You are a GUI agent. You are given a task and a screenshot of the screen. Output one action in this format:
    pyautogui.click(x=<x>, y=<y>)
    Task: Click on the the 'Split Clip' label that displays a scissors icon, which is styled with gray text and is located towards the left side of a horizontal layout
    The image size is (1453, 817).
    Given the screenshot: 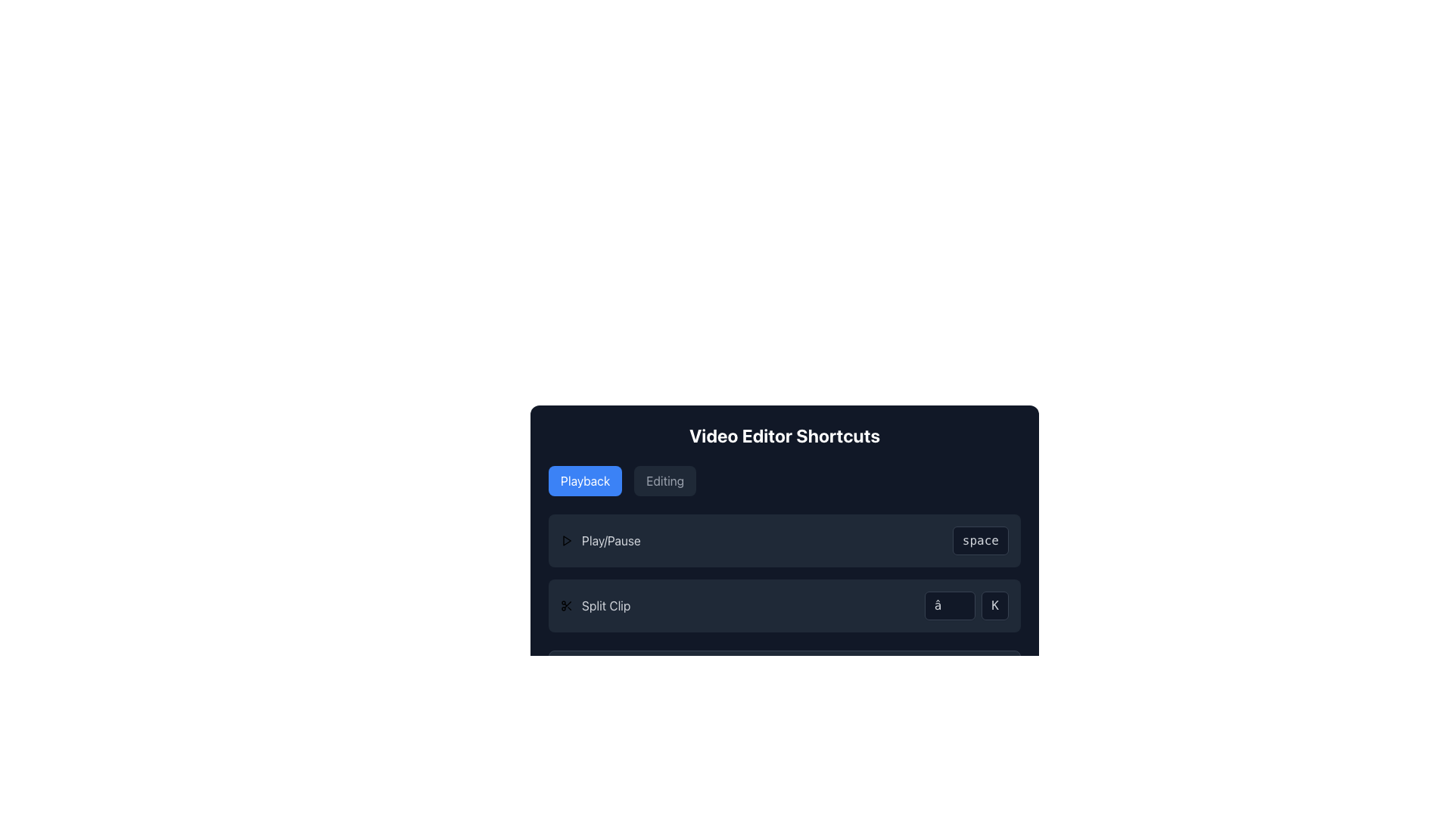 What is the action you would take?
    pyautogui.click(x=595, y=605)
    